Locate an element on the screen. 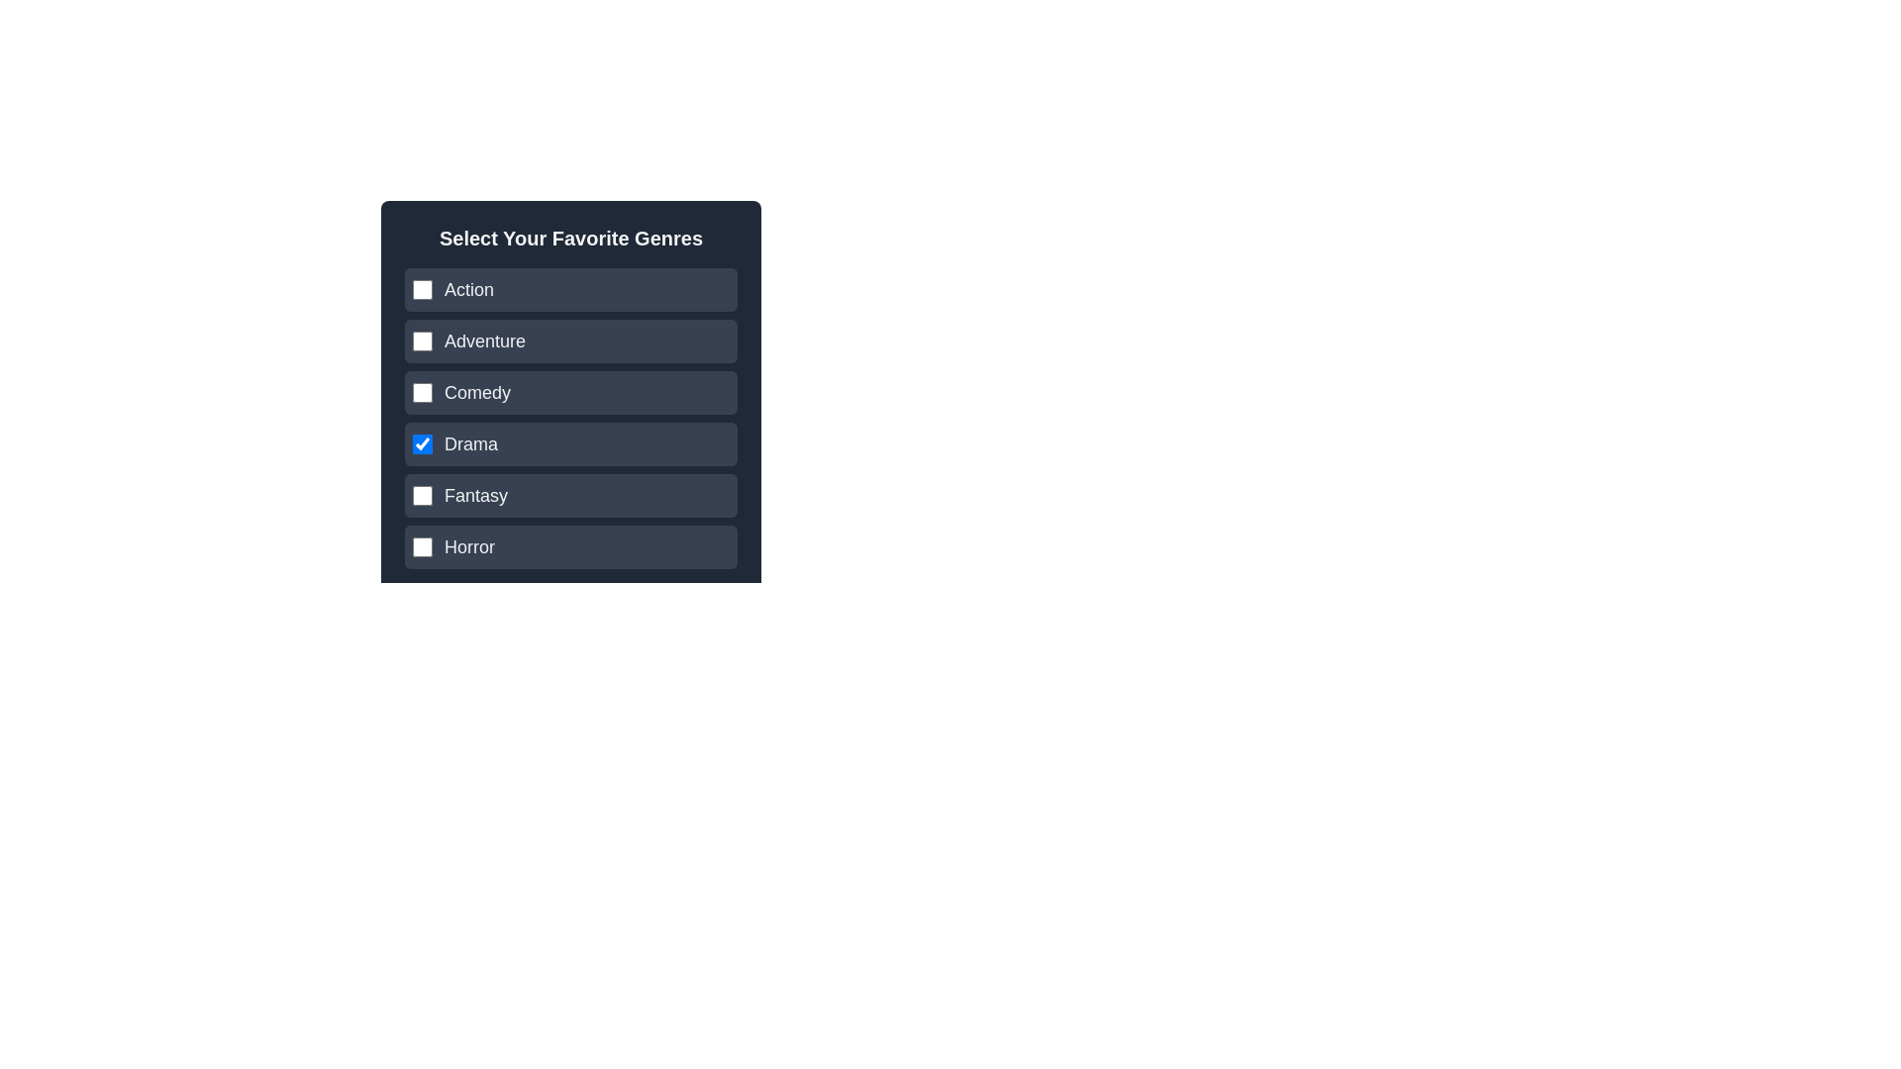 The height and width of the screenshot is (1069, 1901). the 'Fantasy' text label, which is styled with a larger font size and white color against a dark gray background, located in a selectable option row between 'Drama' and 'Horror' is located at coordinates (475, 495).